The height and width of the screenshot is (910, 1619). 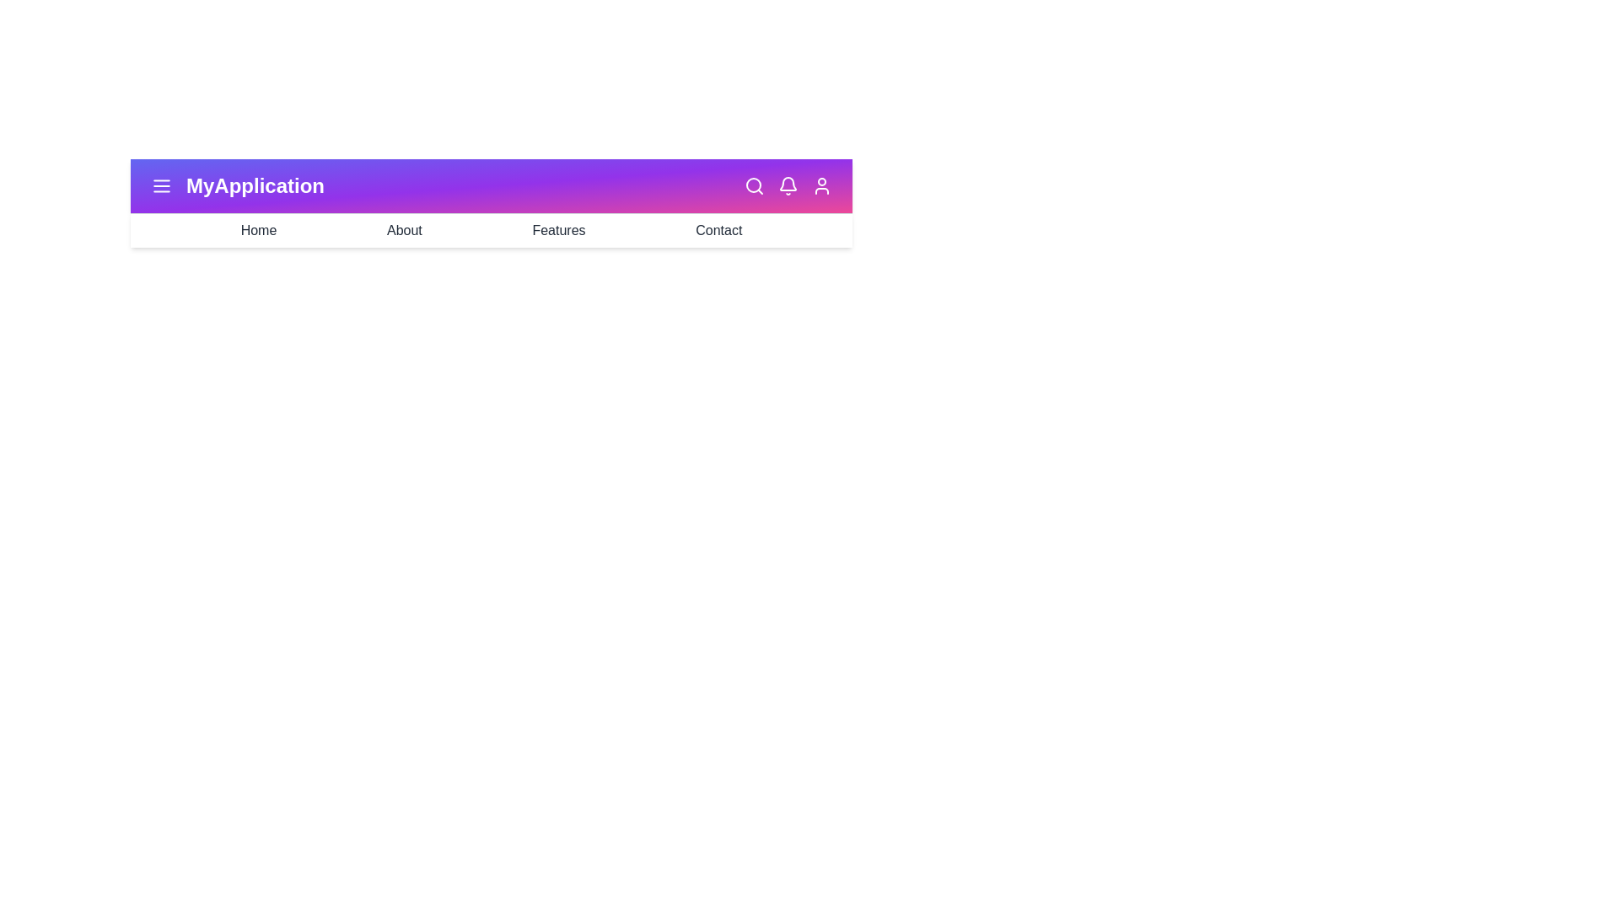 I want to click on the bell icon to view notifications, so click(x=788, y=185).